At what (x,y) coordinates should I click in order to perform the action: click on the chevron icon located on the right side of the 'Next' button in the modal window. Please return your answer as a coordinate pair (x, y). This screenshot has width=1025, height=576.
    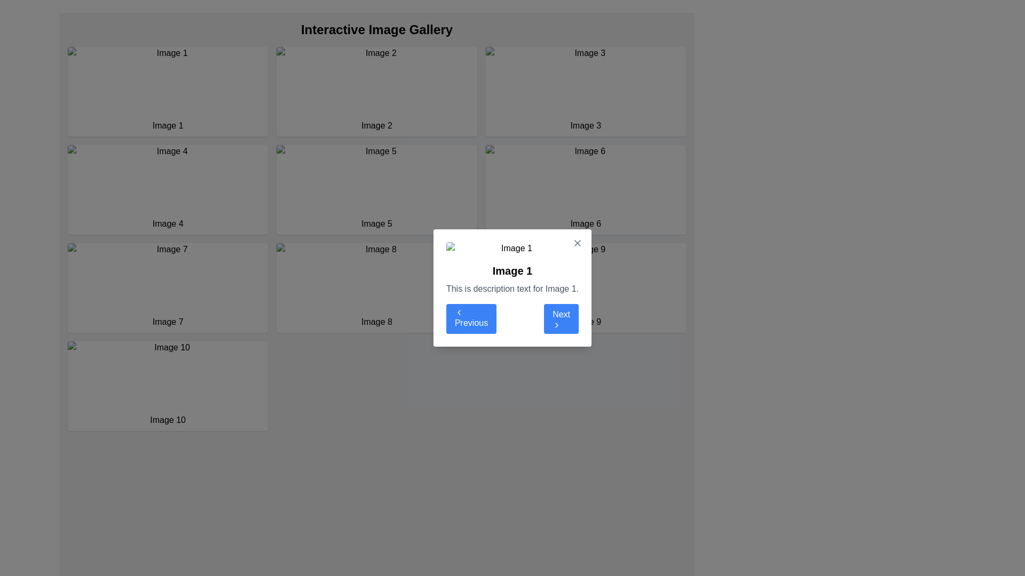
    Looking at the image, I should click on (556, 324).